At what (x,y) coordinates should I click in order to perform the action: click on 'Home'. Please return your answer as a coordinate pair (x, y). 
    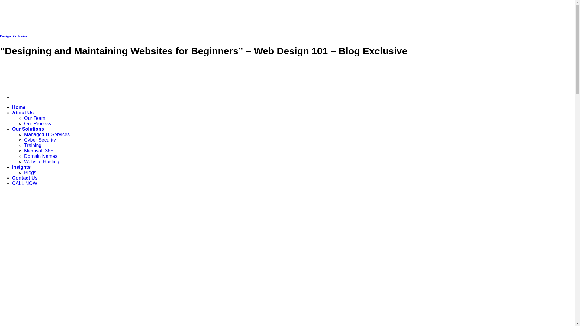
    Looking at the image, I should click on (12, 107).